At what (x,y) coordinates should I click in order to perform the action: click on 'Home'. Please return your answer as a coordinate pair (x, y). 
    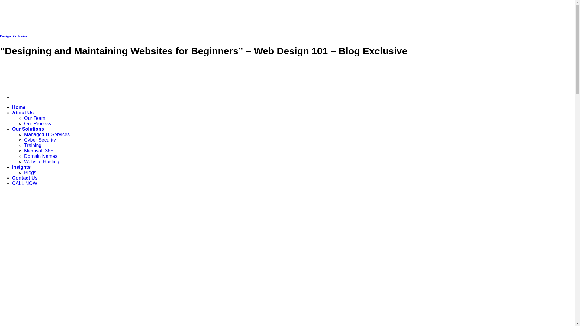
    Looking at the image, I should click on (12, 107).